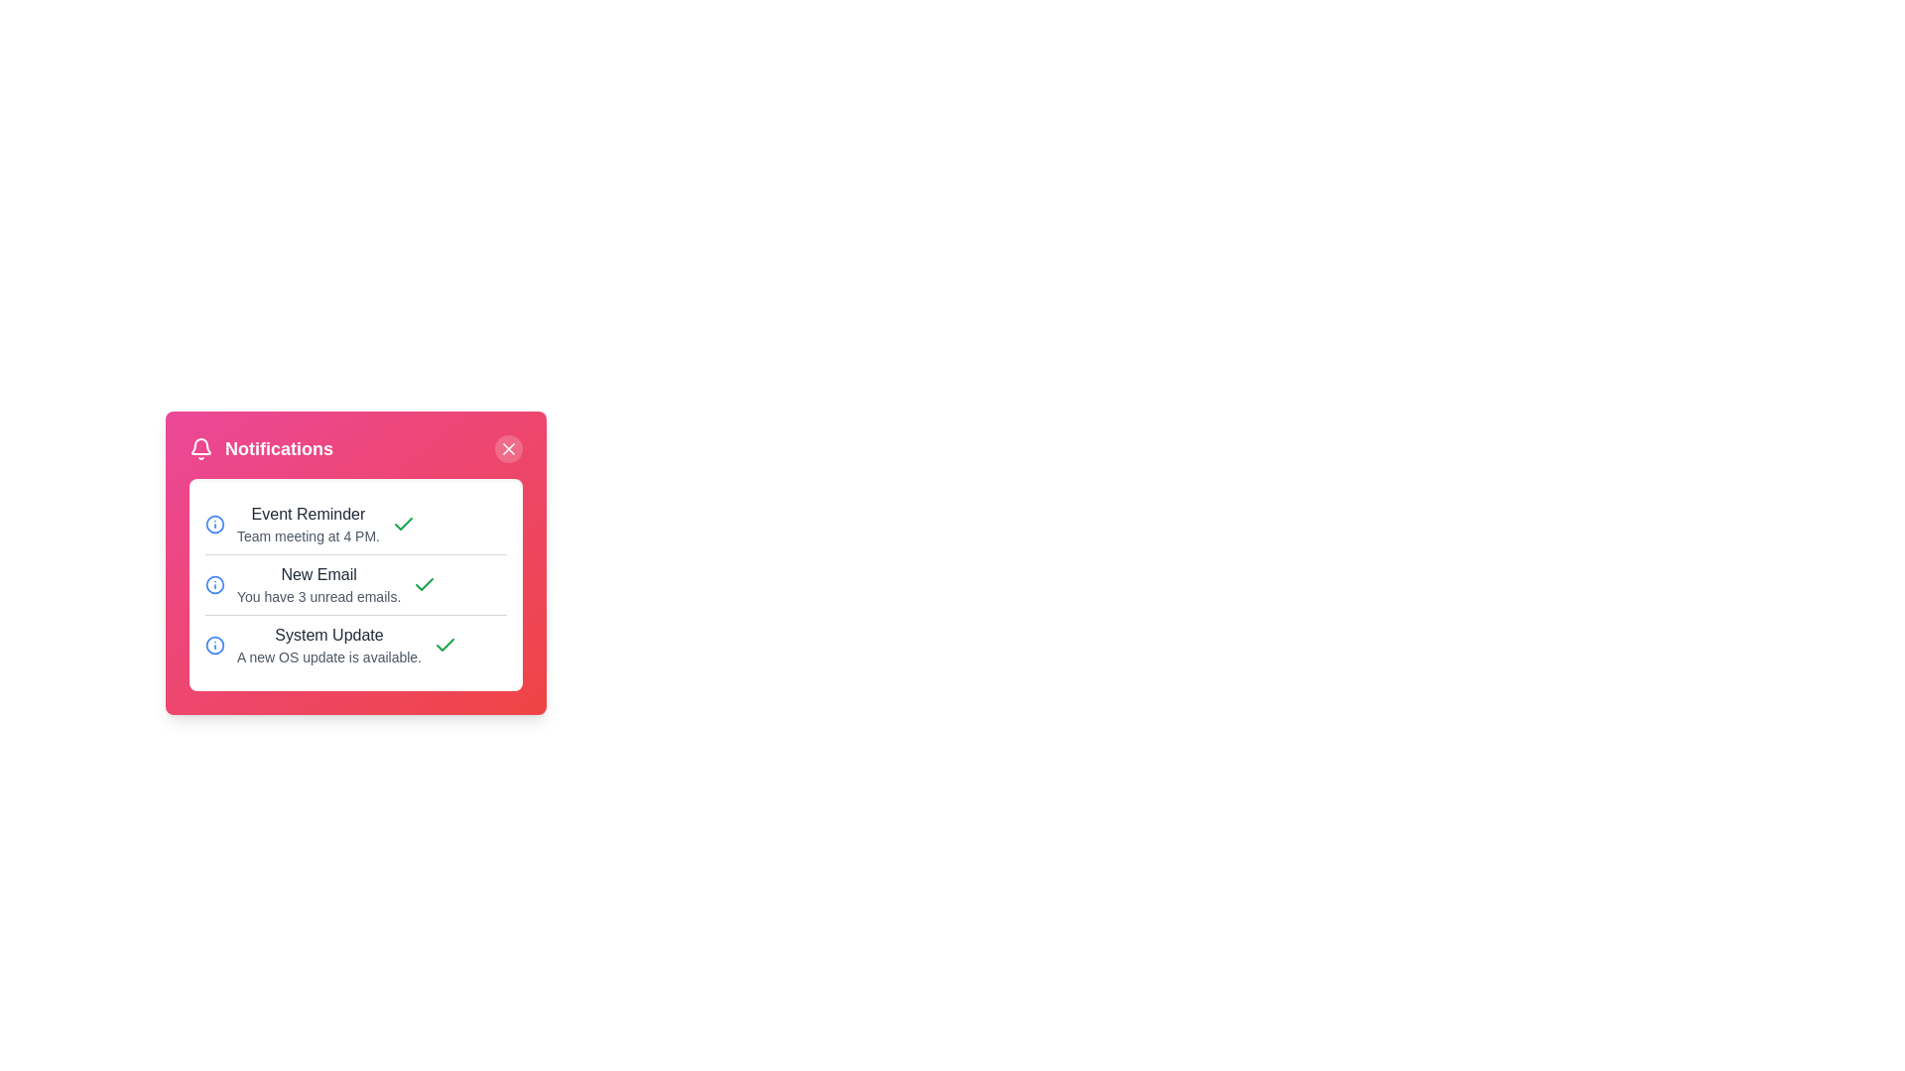 This screenshot has height=1071, width=1905. I want to click on the 'System Update' notification completion icon located at the far-right corner of the notification card, so click(444, 646).